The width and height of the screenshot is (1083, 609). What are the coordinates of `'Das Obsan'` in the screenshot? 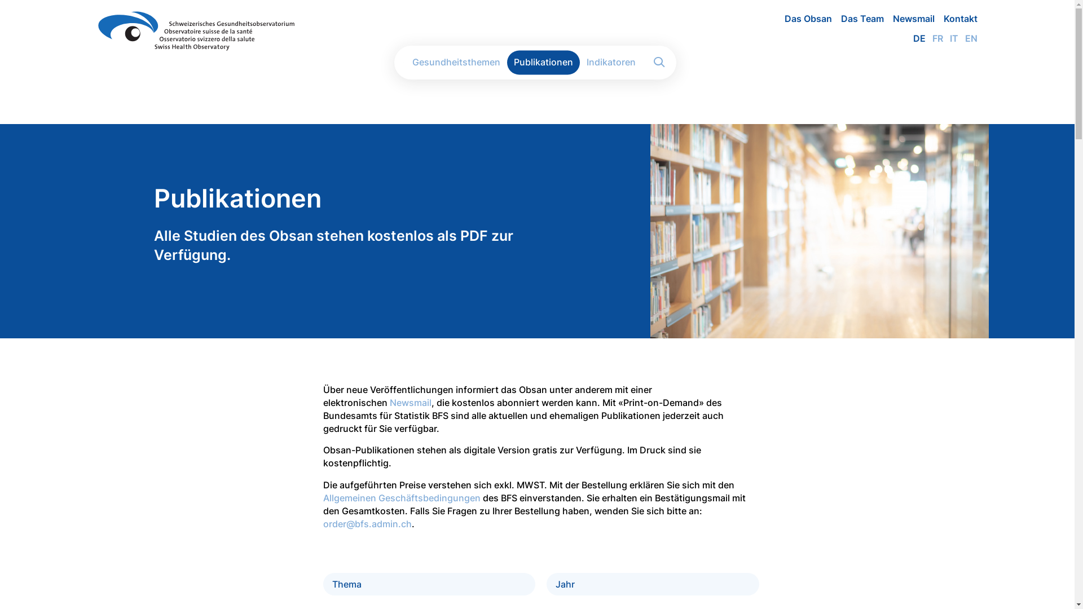 It's located at (803, 19).